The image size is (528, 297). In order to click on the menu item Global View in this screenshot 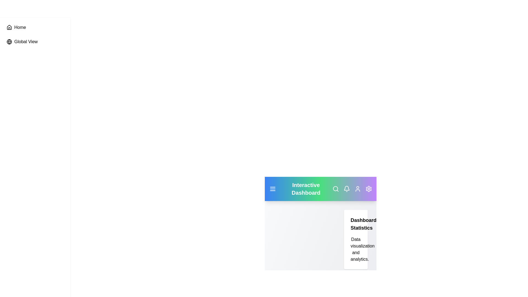, I will do `click(35, 41)`.